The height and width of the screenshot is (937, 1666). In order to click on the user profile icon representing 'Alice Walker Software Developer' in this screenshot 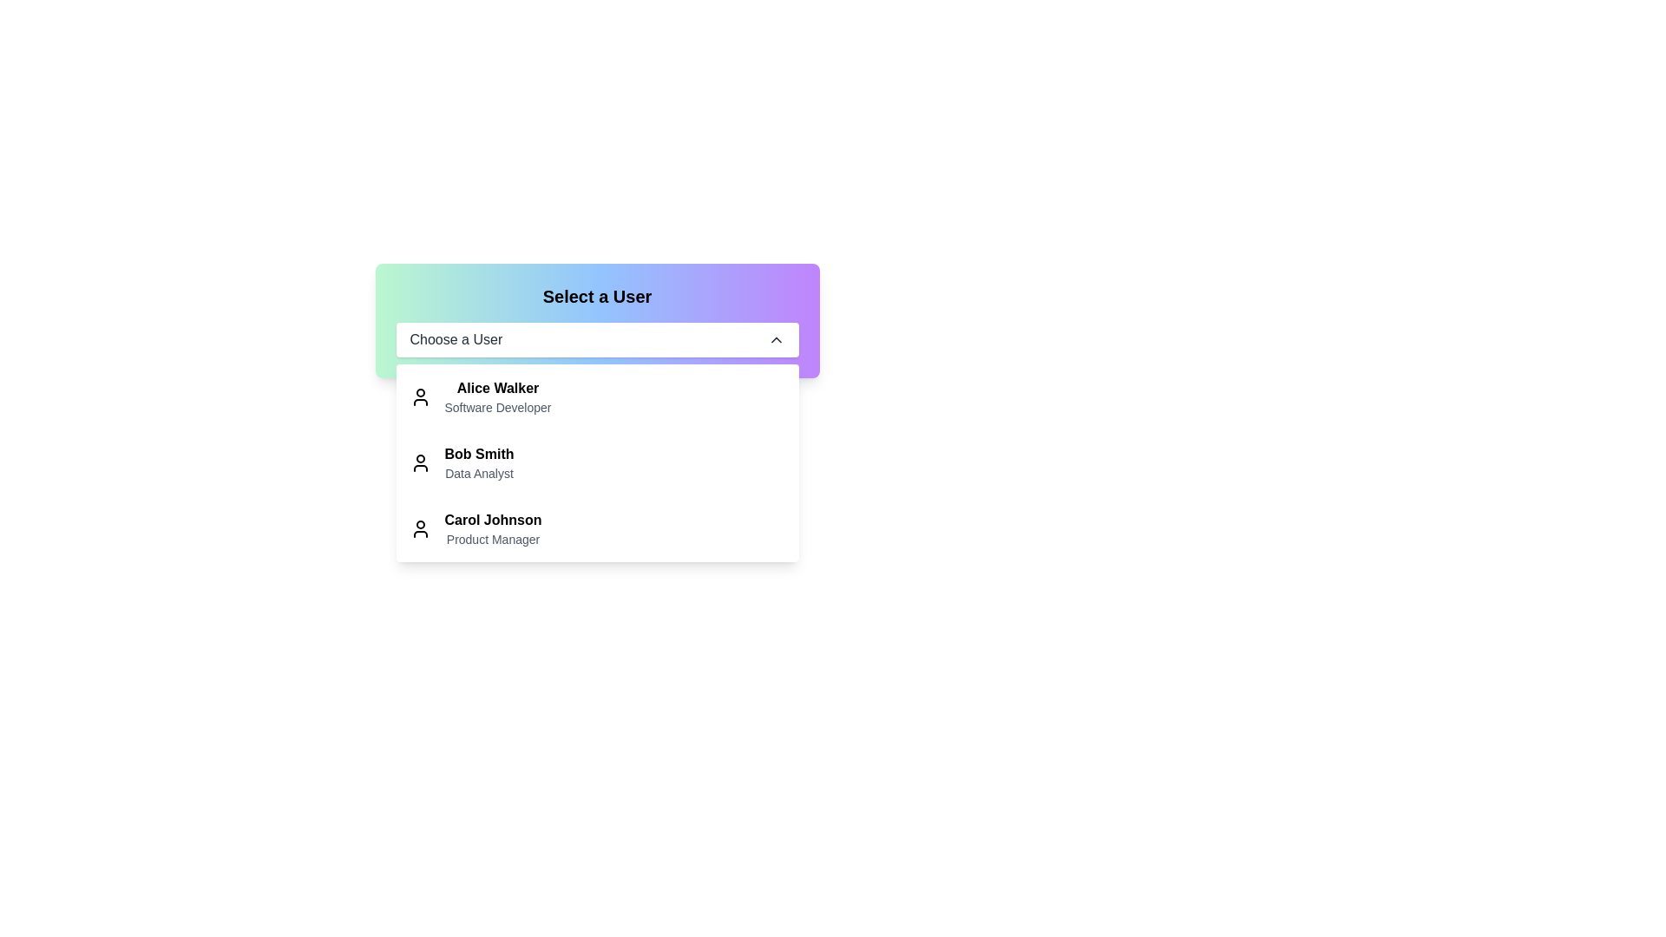, I will do `click(420, 397)`.